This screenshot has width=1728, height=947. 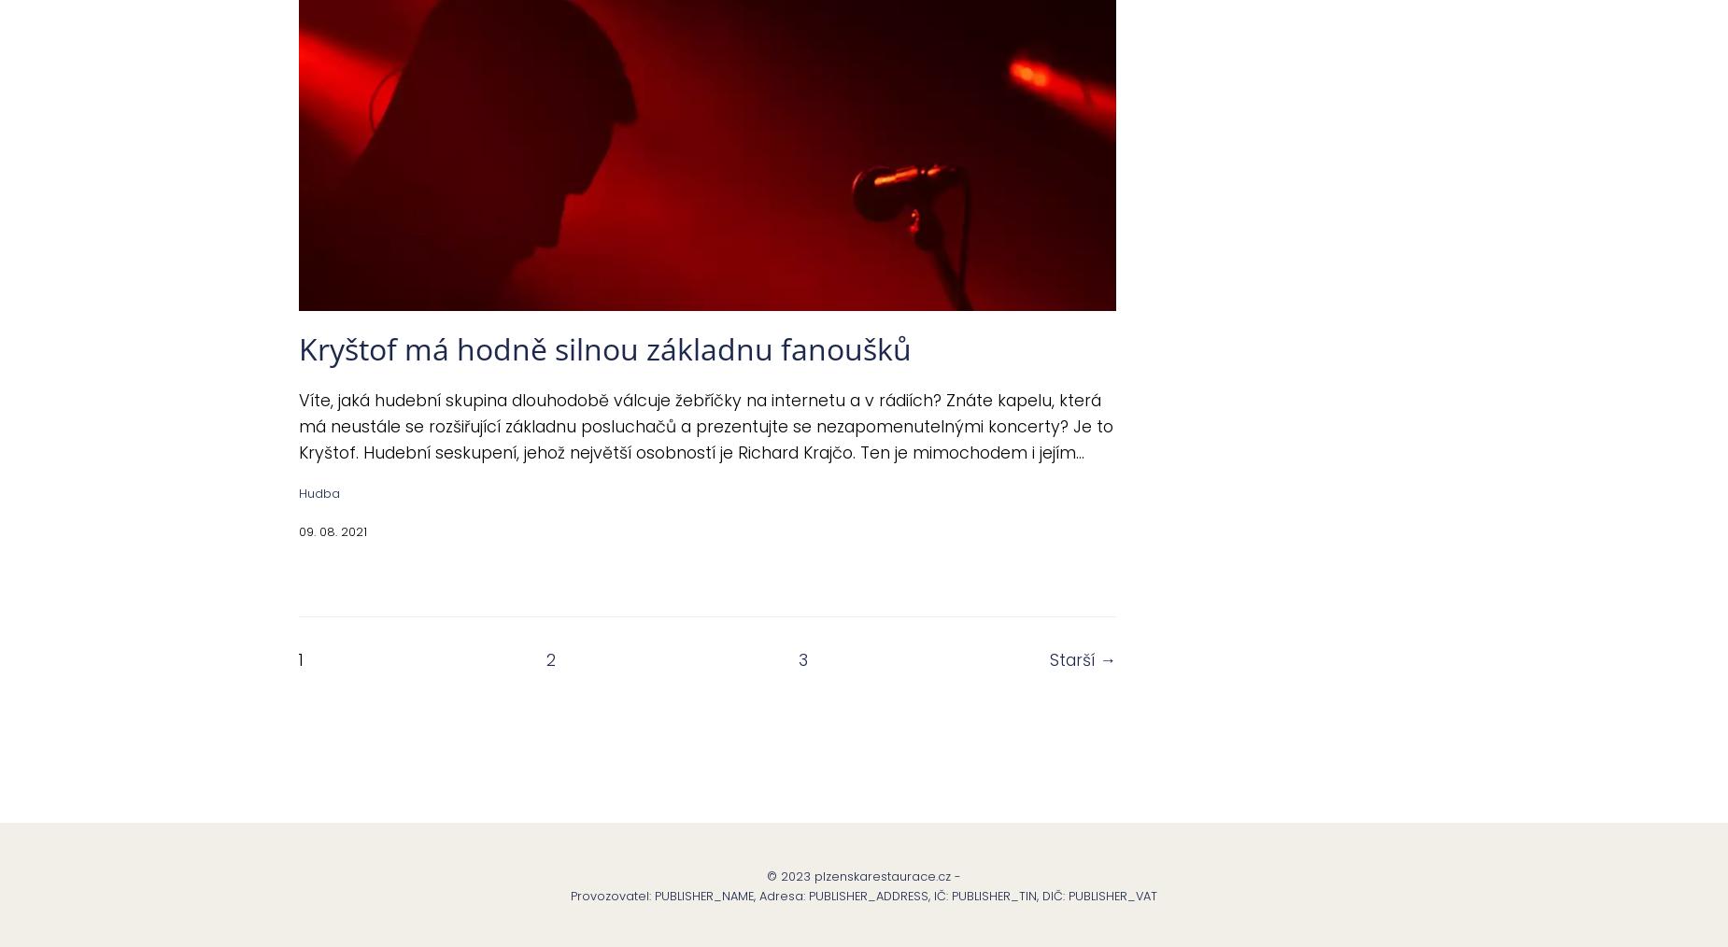 I want to click on '2', so click(x=550, y=658).